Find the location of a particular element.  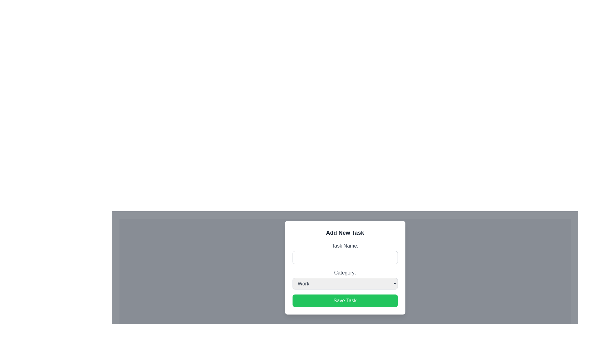

to focus on the task name input field located in the 'Add New Task' dialog box, which is the first input field above the 'Category:' field is located at coordinates (345, 253).